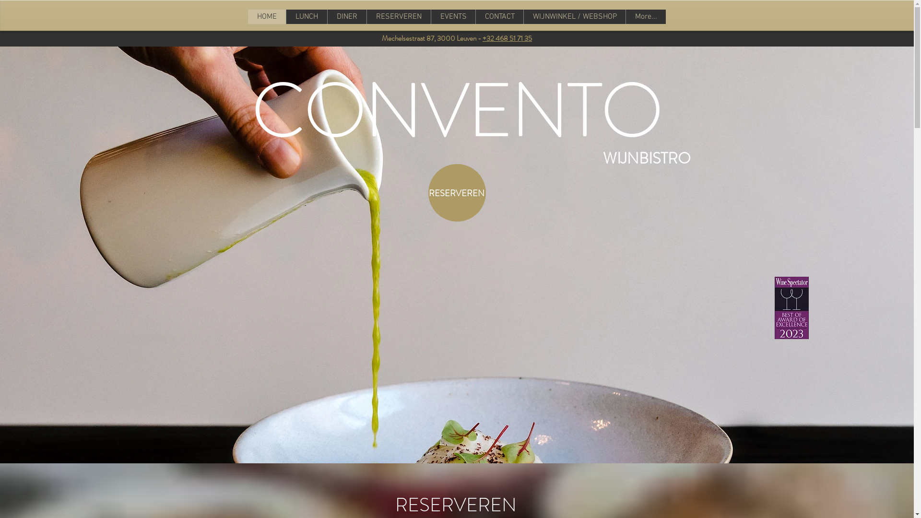 The width and height of the screenshot is (921, 518). I want to click on 'RESERVEREN', so click(456, 192).